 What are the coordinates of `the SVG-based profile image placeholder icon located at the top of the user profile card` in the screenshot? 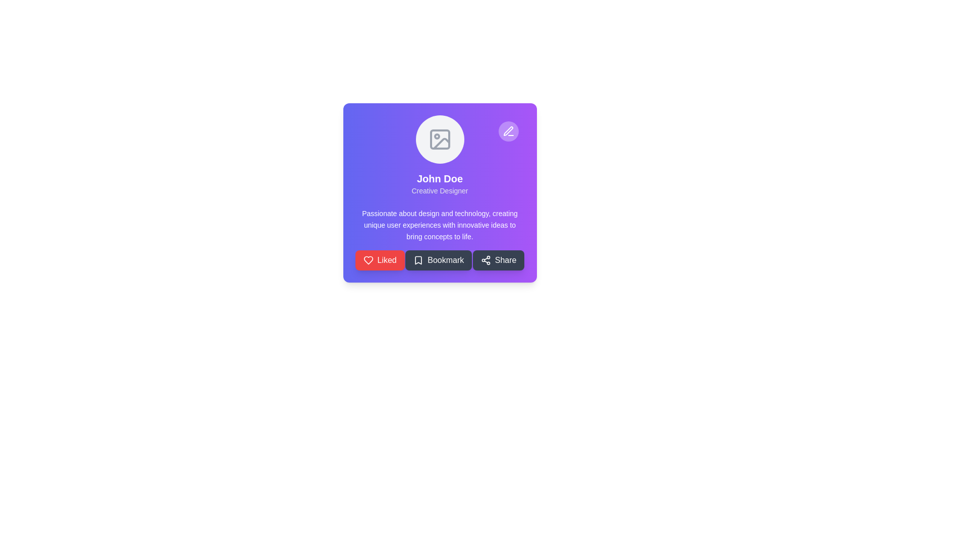 It's located at (440, 140).